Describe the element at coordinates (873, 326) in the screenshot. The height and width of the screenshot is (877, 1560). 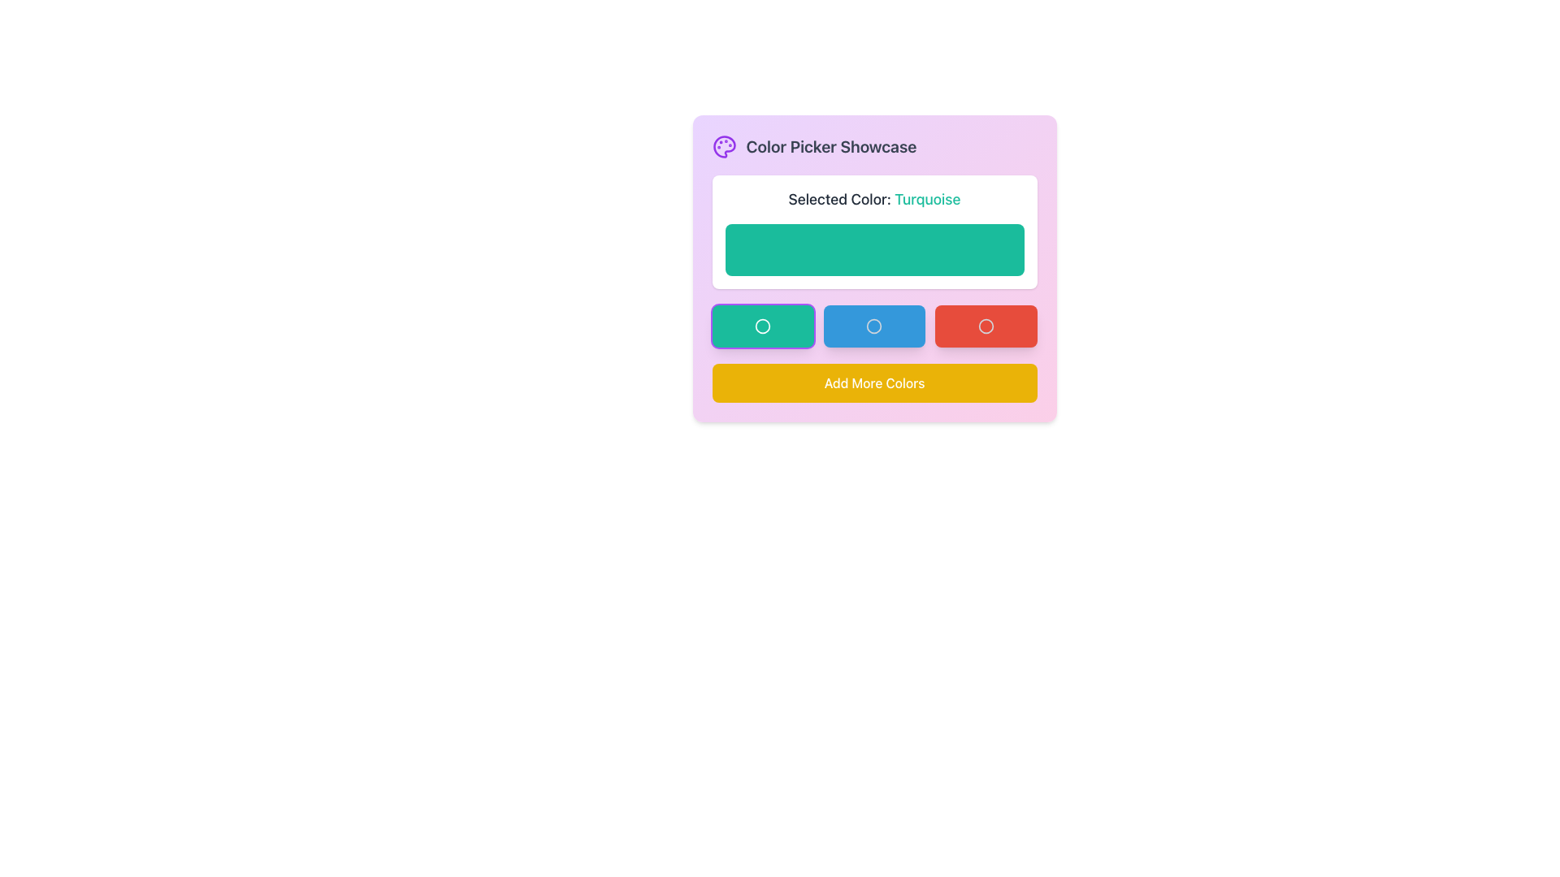
I see `the blue button positioned in the second slot of a grid of three buttons, located below a turquoise display box and above a yellow button labeled 'Add More Colors'` at that location.